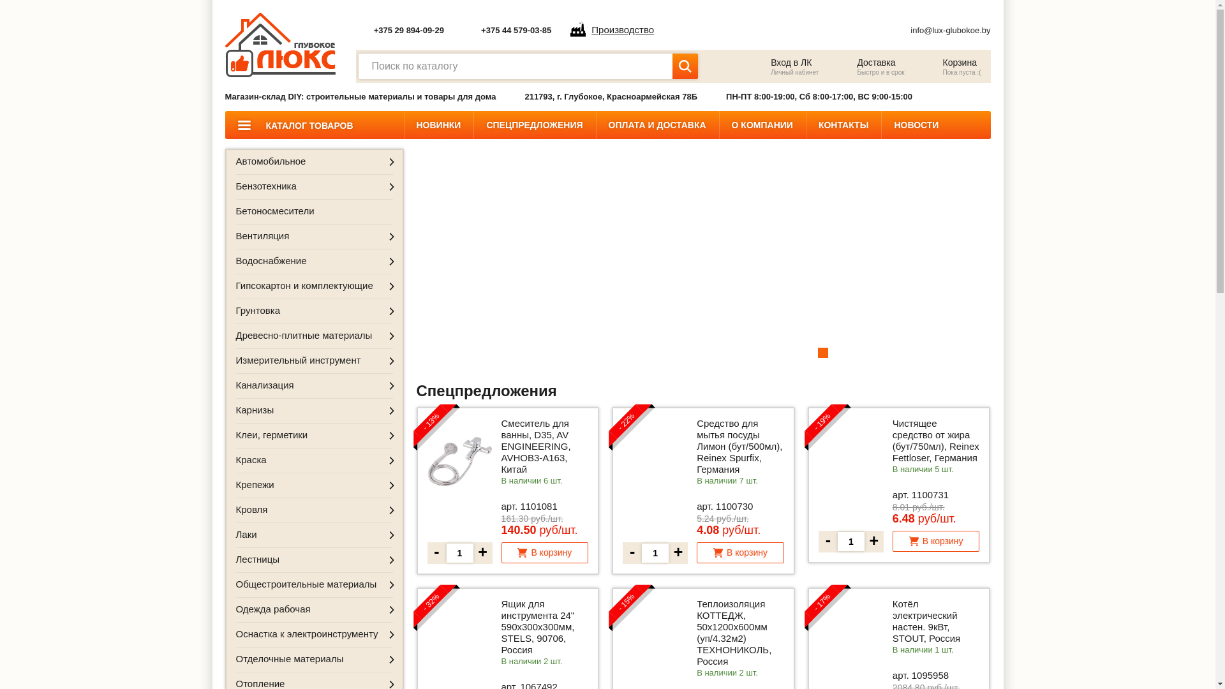 Image resolution: width=1225 pixels, height=689 pixels. I want to click on '+375 44 579-03-85', so click(516, 29).